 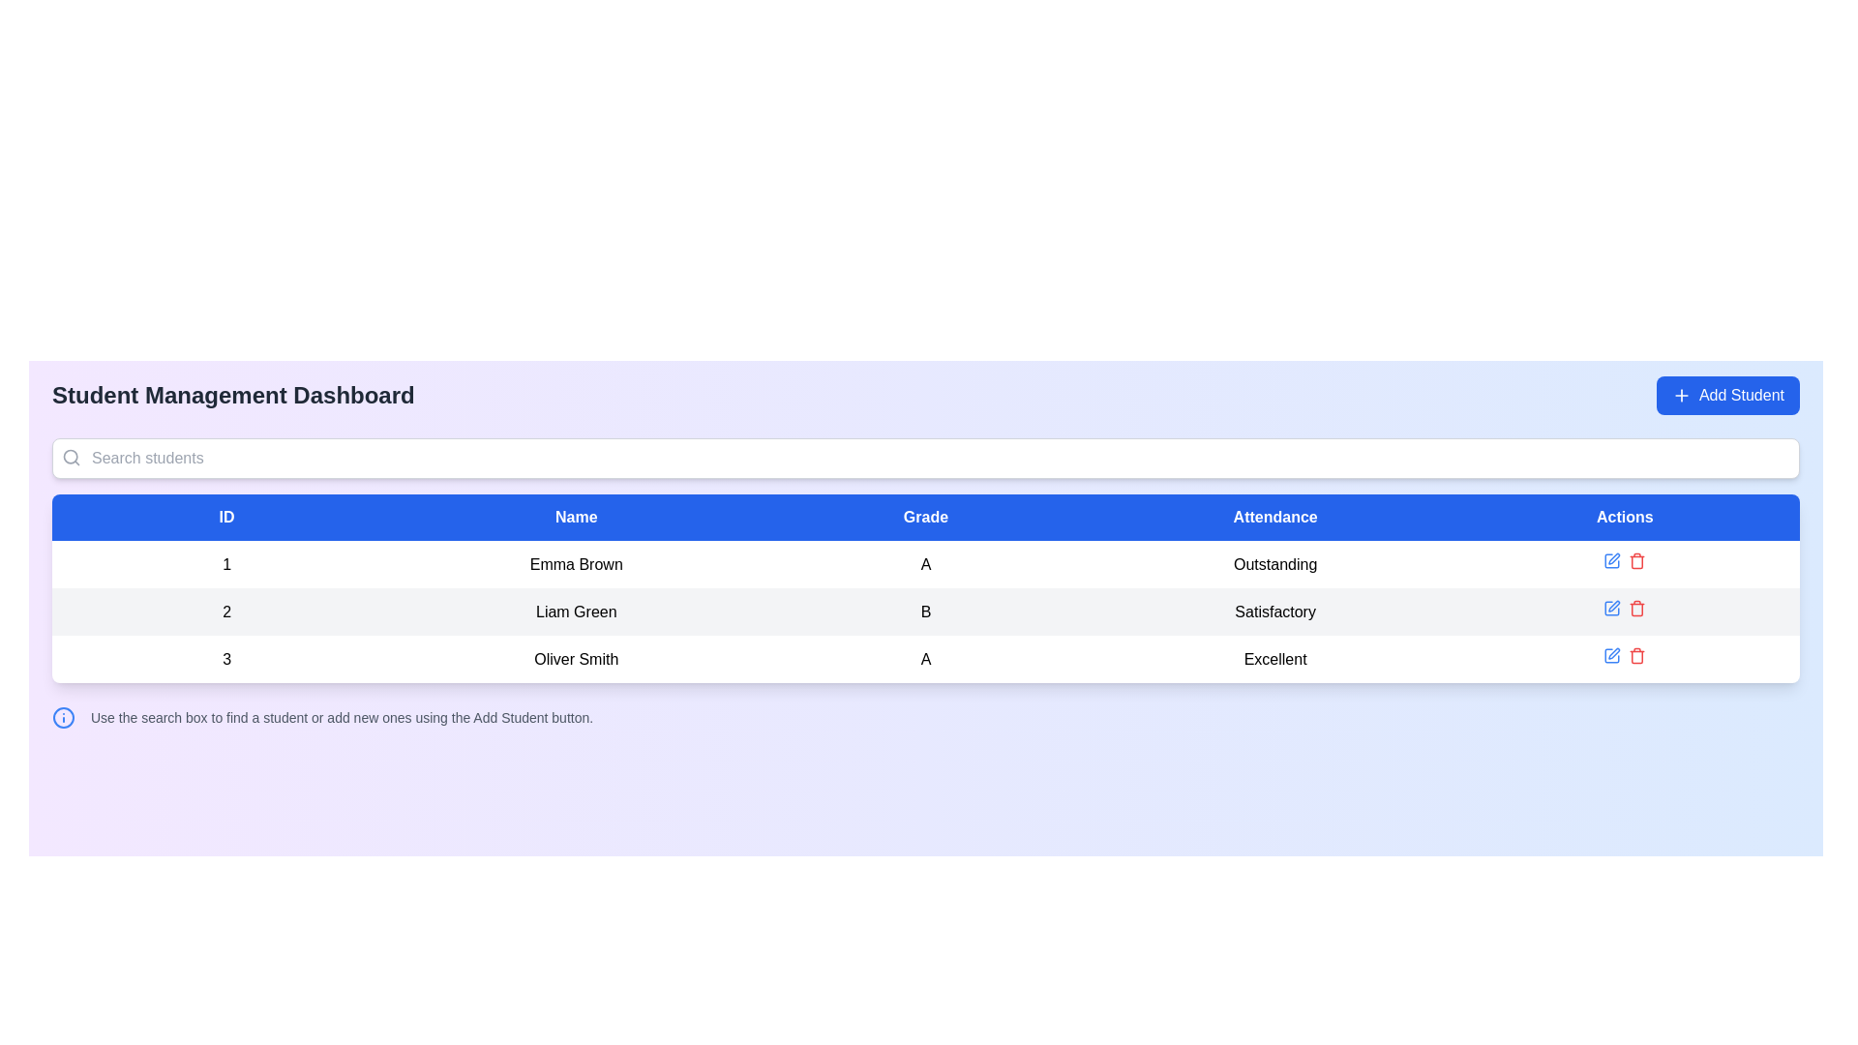 What do you see at coordinates (226, 658) in the screenshot?
I see `contents of the Text label displaying the unique identifier '3' for the student entry Oliver Smith, located in the first column of the third row of the table` at bounding box center [226, 658].